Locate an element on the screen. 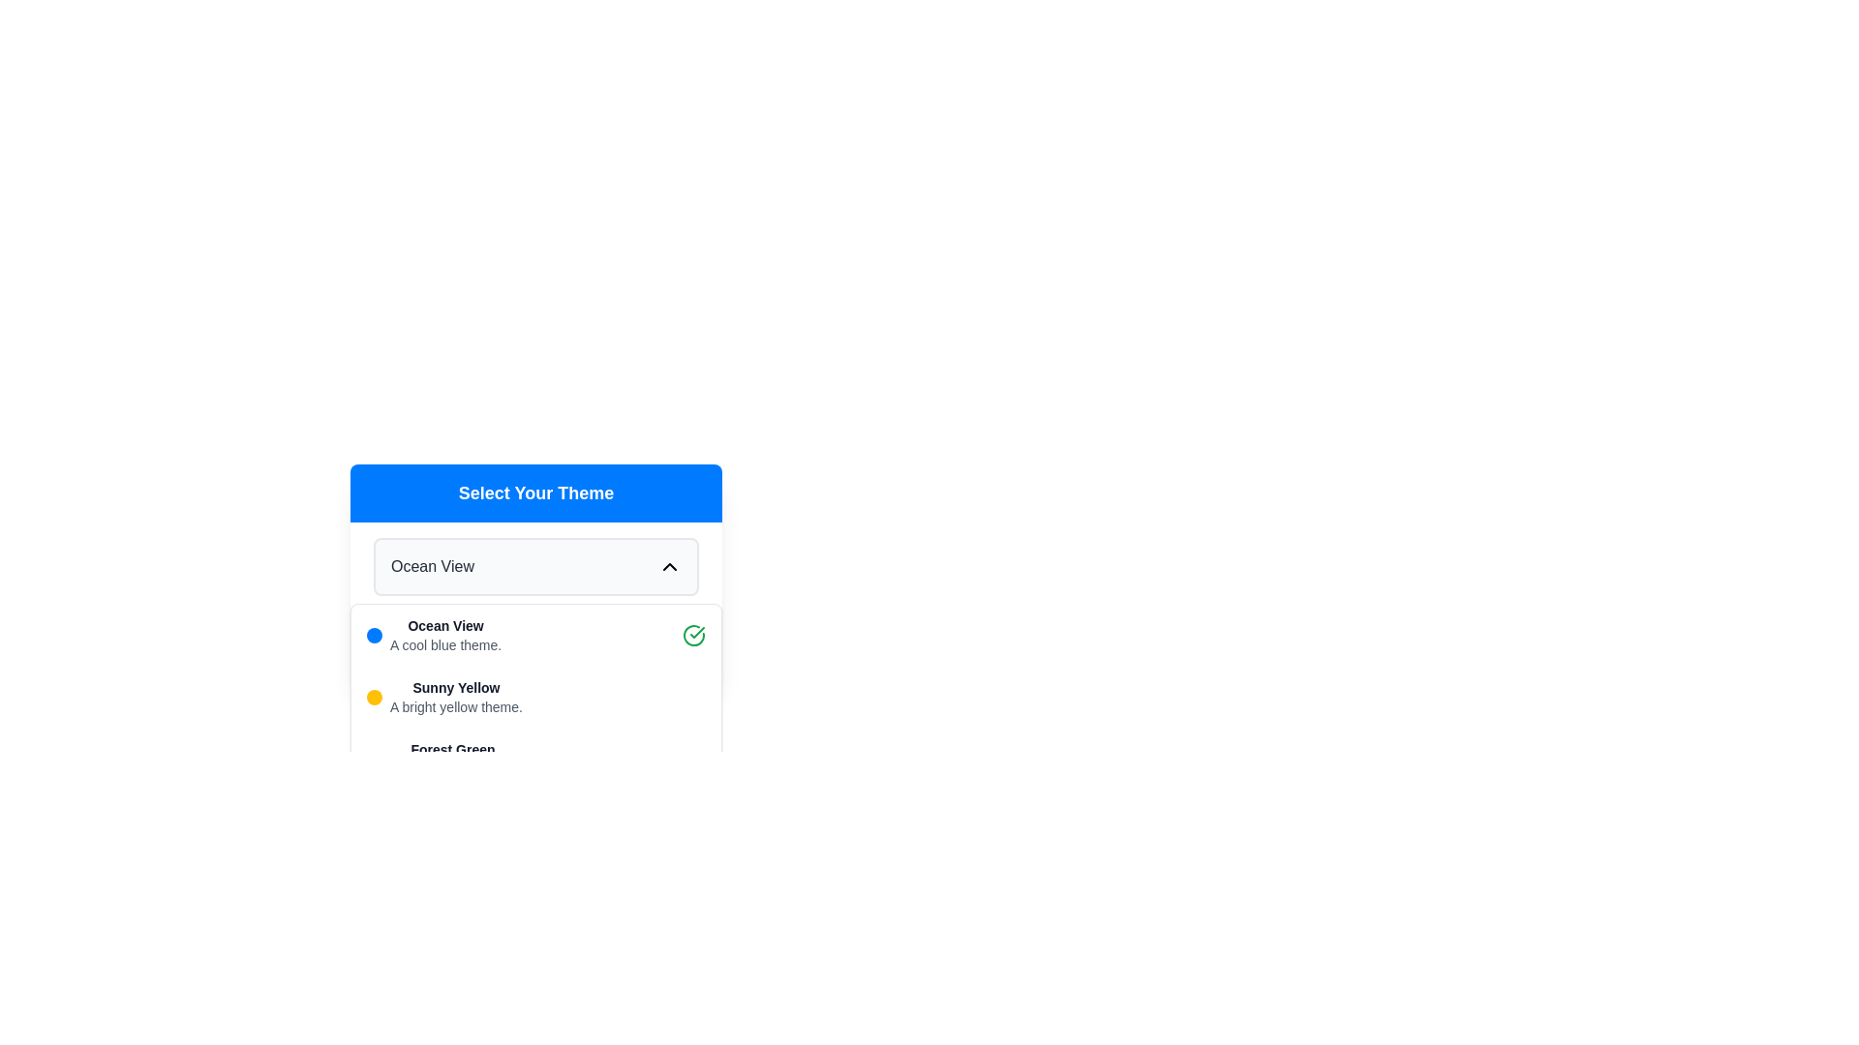 This screenshot has width=1859, height=1045. descriptive textual component providing information about the theme named 'Ocean View' located below the 'Select Your Theme' dropdown is located at coordinates (444, 635).